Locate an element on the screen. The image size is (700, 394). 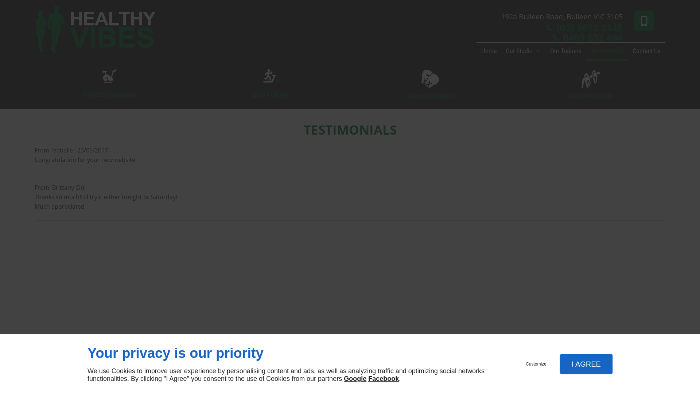
'Home' is located at coordinates (489, 51).